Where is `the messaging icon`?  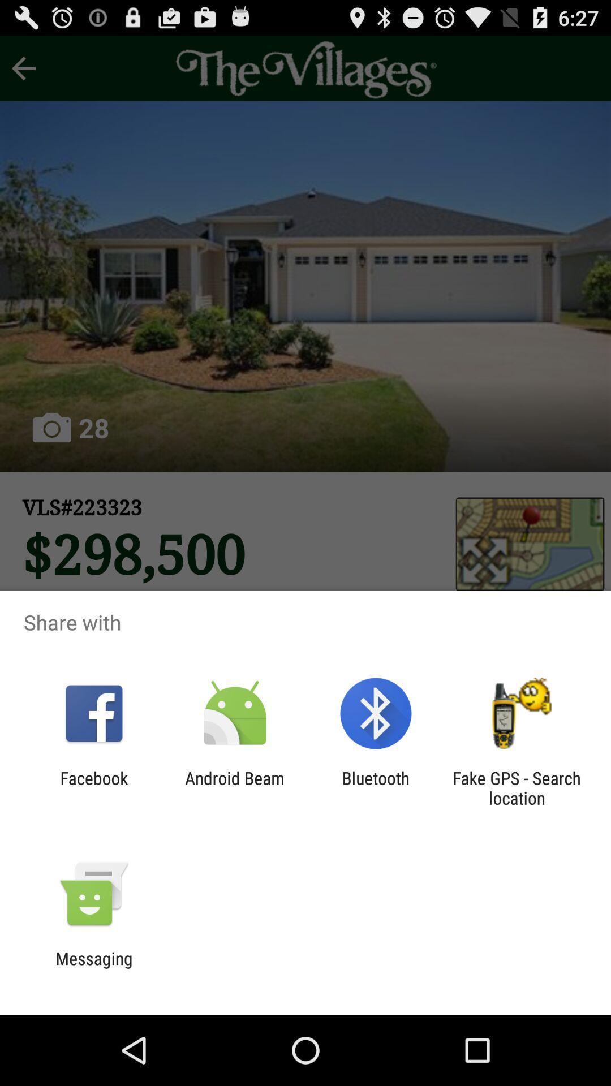 the messaging icon is located at coordinates (93, 968).